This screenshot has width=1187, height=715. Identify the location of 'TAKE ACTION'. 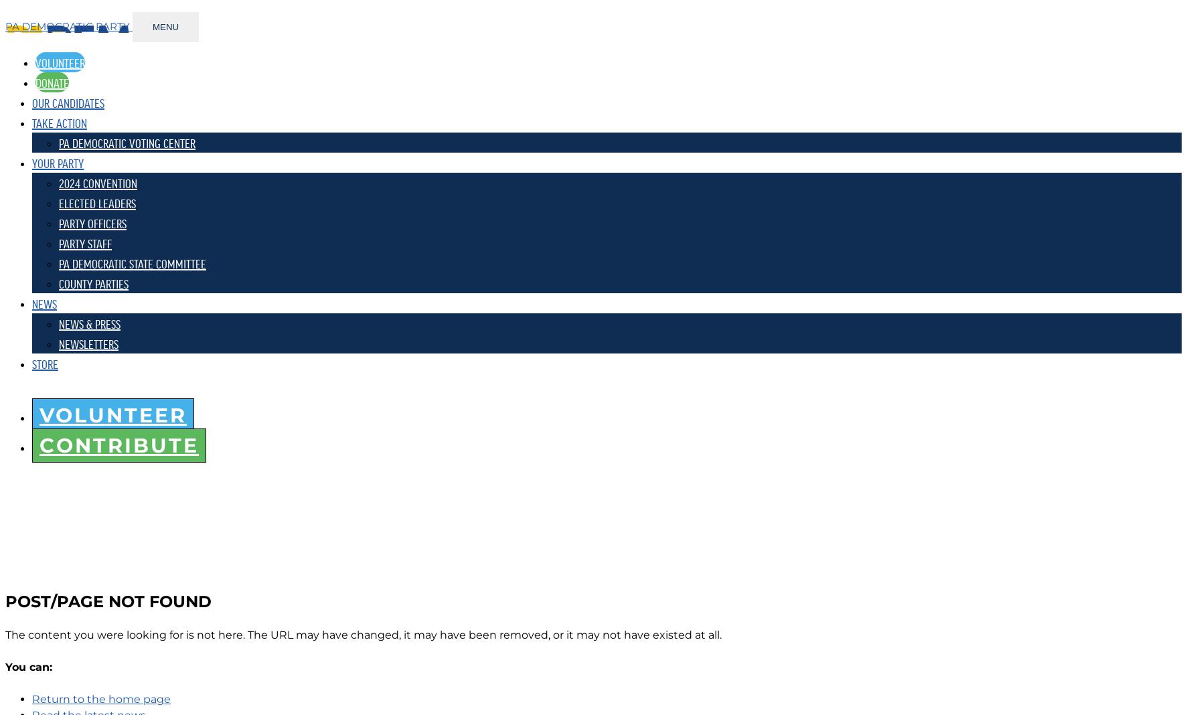
(59, 122).